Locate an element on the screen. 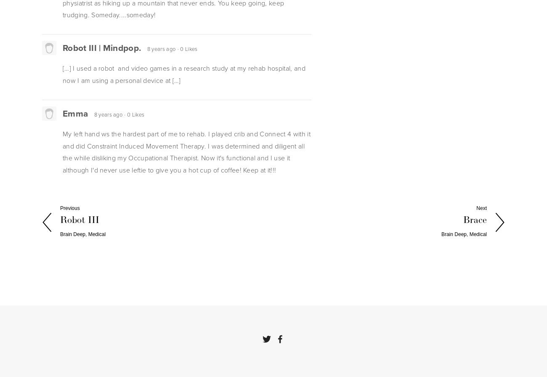 This screenshot has width=547, height=377. 'Brace' is located at coordinates (475, 220).